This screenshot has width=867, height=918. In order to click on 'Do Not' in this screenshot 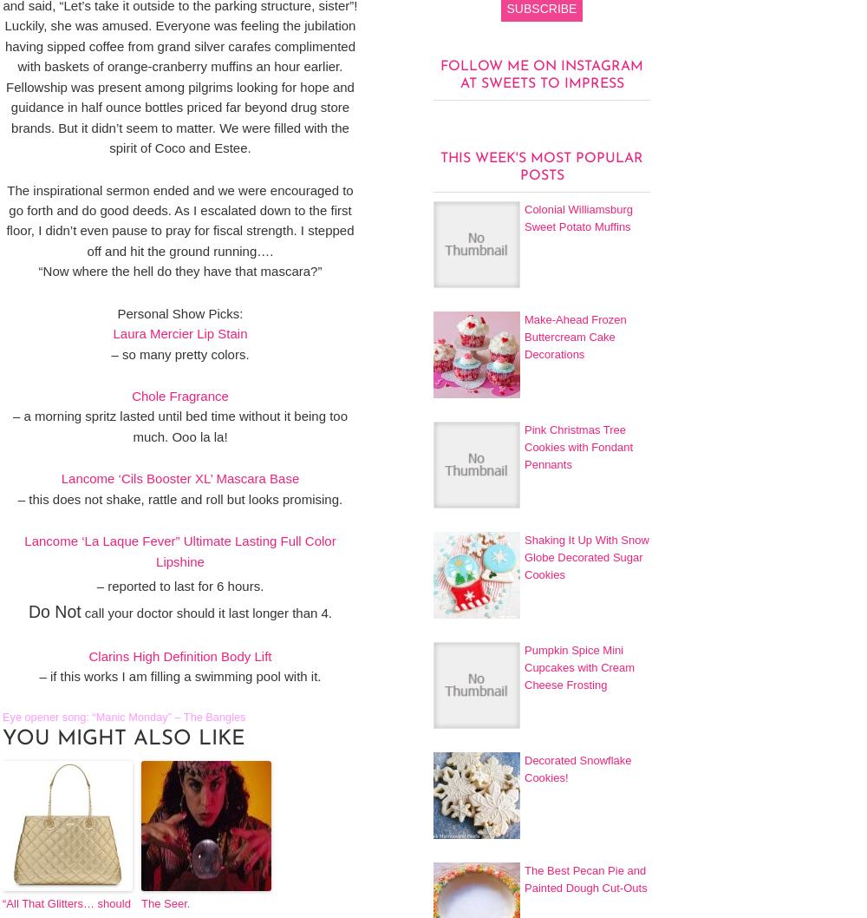, I will do `click(28, 609)`.